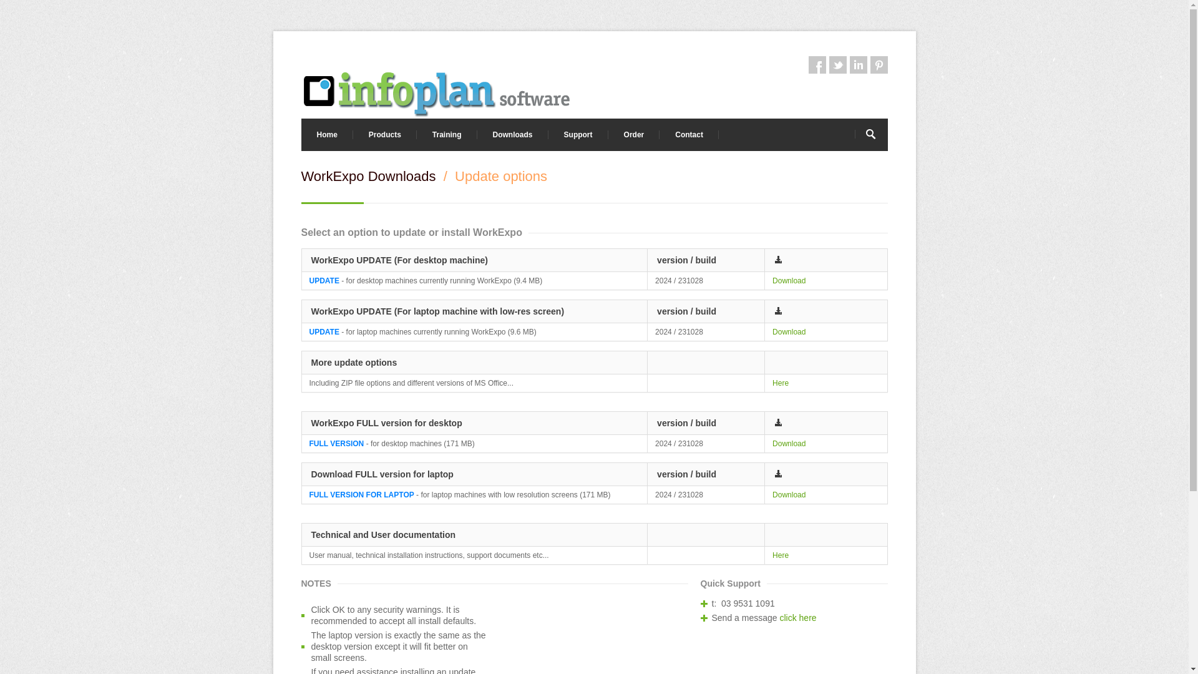  I want to click on 'FULL VERSION FOR LAPTOP', so click(361, 494).